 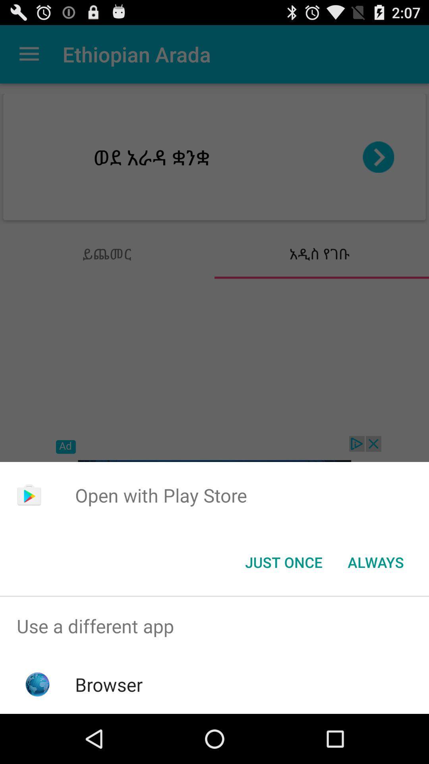 What do you see at coordinates (109, 684) in the screenshot?
I see `the browser item` at bounding box center [109, 684].